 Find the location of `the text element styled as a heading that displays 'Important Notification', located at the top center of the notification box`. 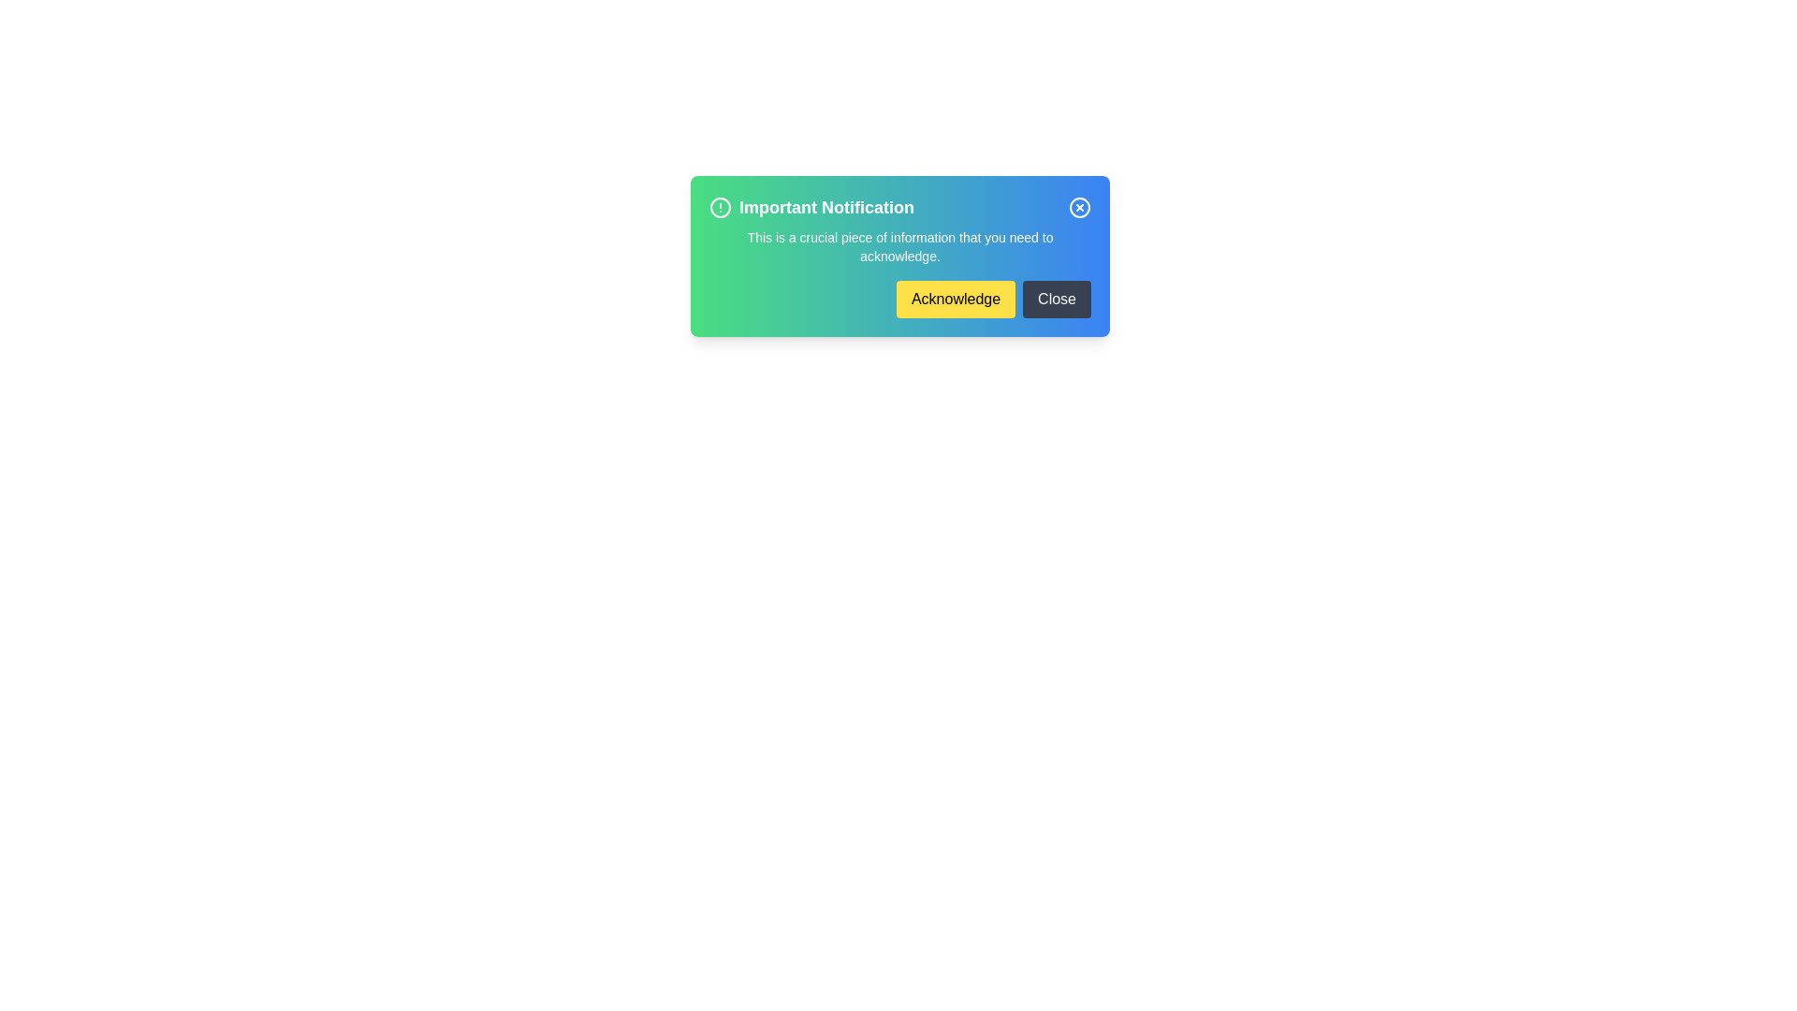

the text element styled as a heading that displays 'Important Notification', located at the top center of the notification box is located at coordinates (825, 208).